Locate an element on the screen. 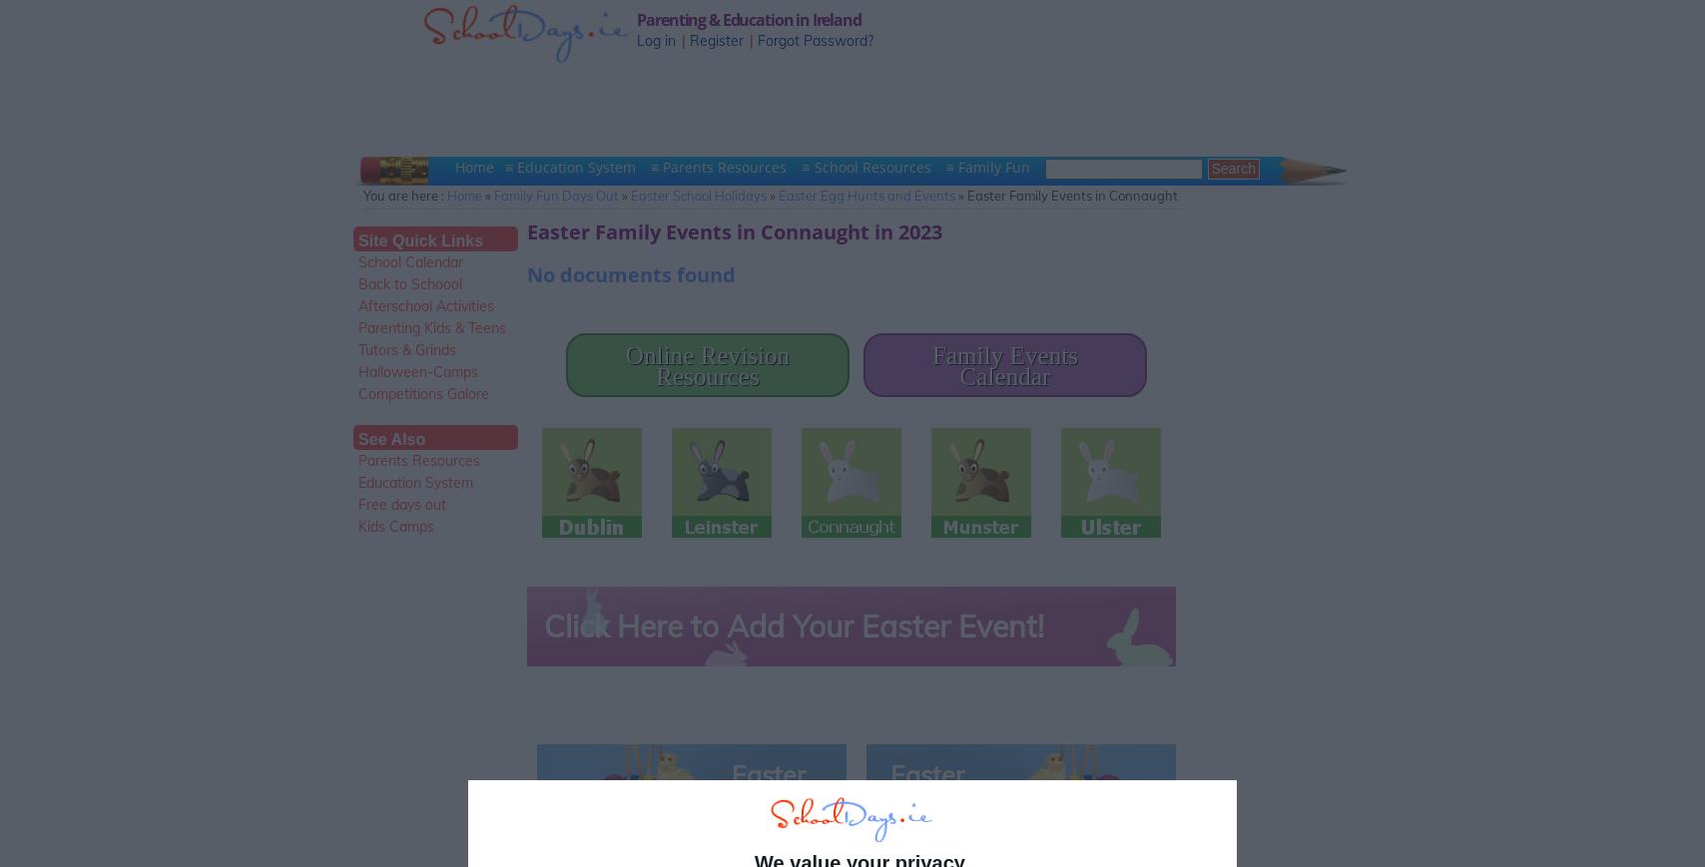 This screenshot has height=867, width=1705. '» Easter Family Events in Connaught' is located at coordinates (1066, 194).